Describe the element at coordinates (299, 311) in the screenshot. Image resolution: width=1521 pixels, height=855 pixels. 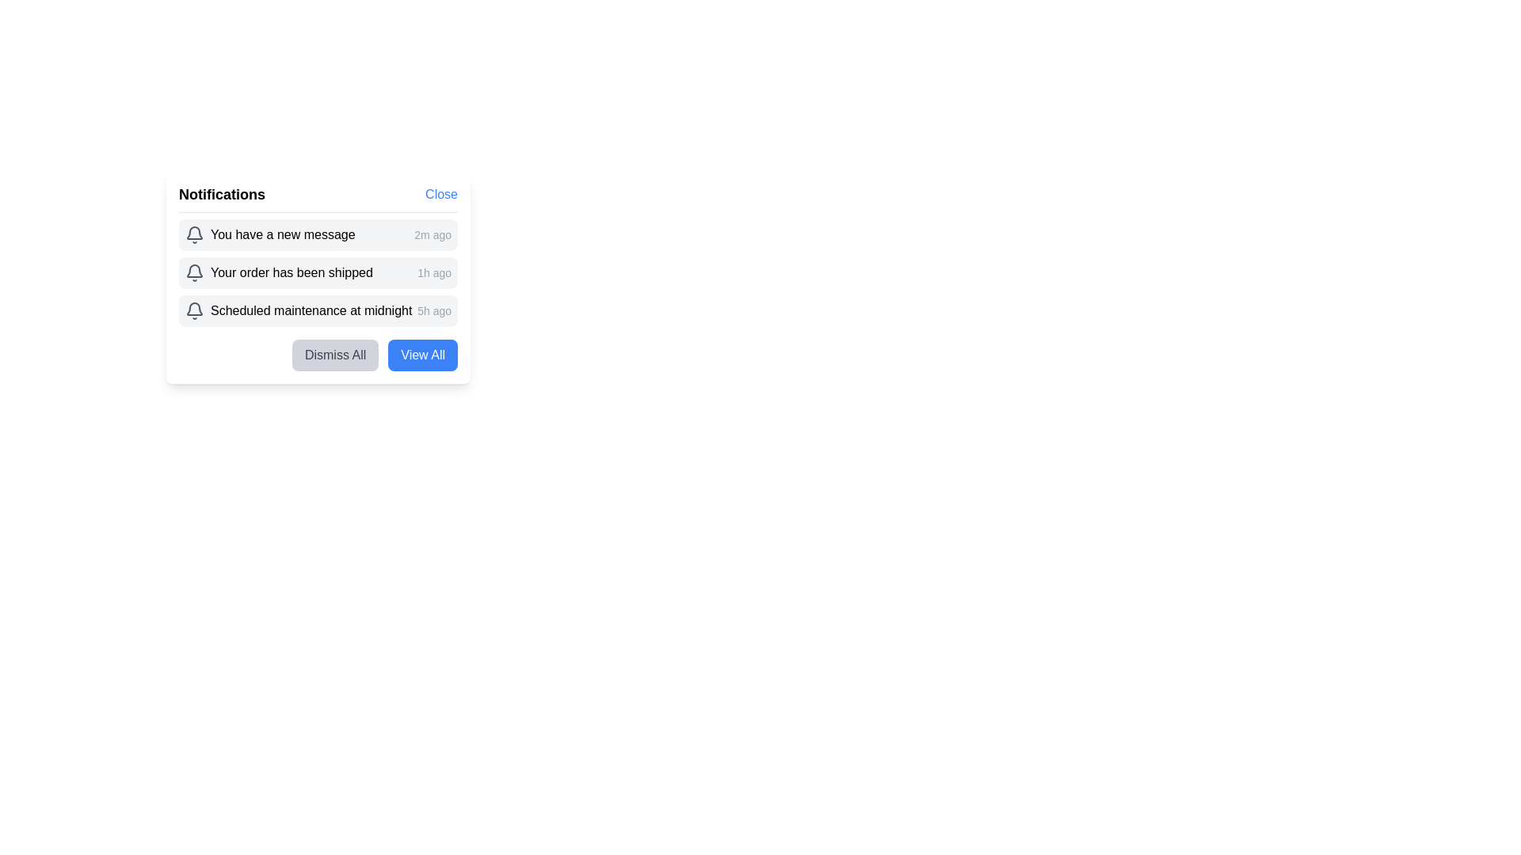
I see `notification text 'Scheduled maintenance at midnight' located in the Notifications panel, which is the third notification in the list` at that location.